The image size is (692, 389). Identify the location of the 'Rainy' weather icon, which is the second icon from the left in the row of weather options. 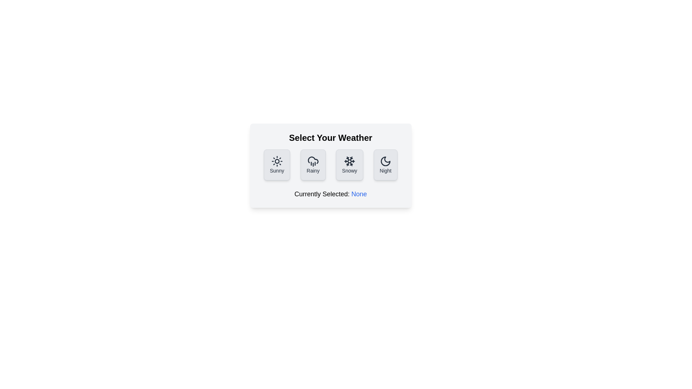
(313, 161).